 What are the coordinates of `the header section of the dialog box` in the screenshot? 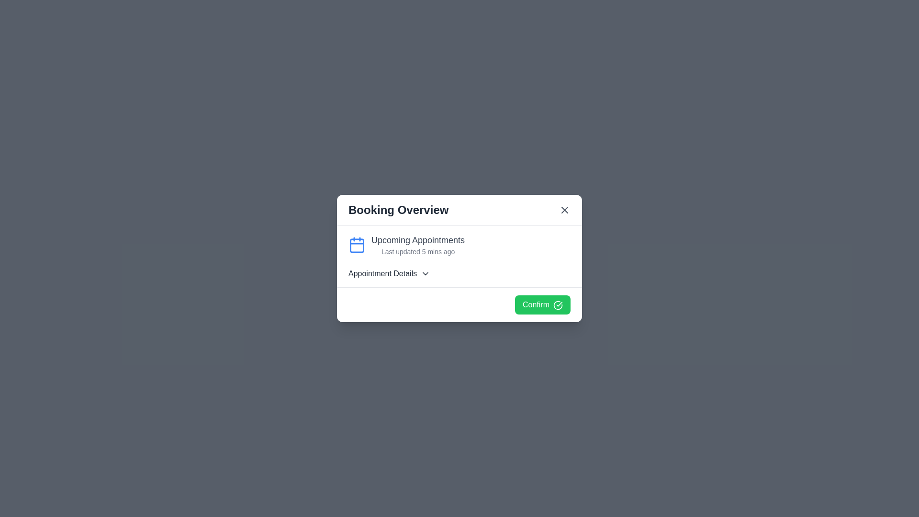 It's located at (459, 210).